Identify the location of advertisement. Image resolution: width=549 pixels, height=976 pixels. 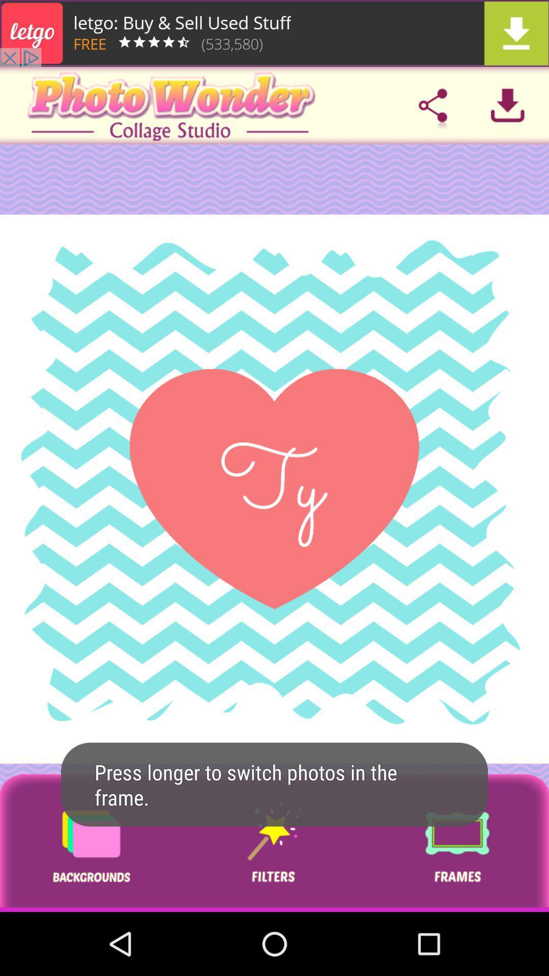
(274, 33).